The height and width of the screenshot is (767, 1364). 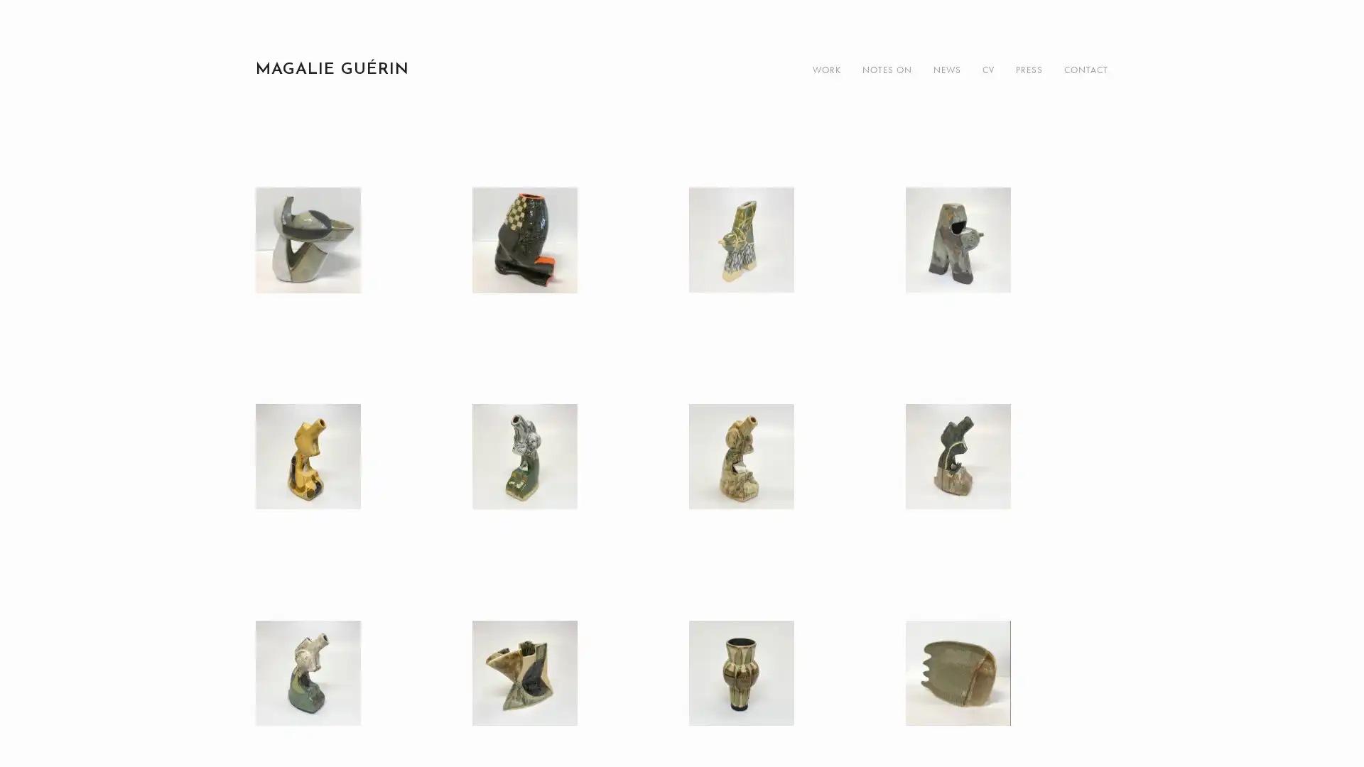 What do you see at coordinates (357, 288) in the screenshot?
I see `View fullsize IMG_4407.JPG` at bounding box center [357, 288].